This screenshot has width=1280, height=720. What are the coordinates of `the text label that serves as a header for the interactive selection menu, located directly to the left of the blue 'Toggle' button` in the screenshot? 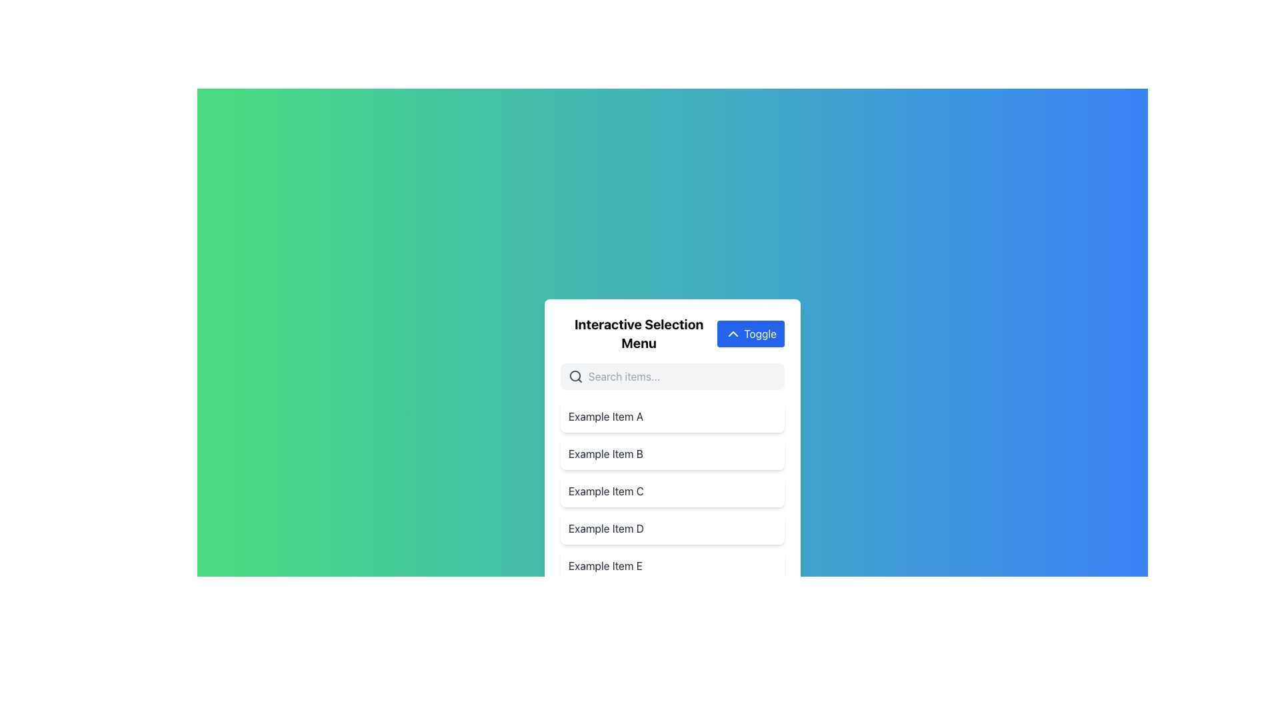 It's located at (638, 333).